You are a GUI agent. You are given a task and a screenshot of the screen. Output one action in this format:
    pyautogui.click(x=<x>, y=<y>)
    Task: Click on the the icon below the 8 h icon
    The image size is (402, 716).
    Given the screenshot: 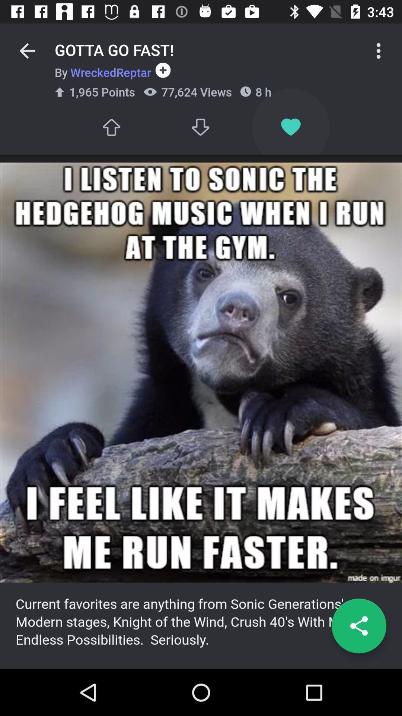 What is the action you would take?
    pyautogui.click(x=290, y=127)
    